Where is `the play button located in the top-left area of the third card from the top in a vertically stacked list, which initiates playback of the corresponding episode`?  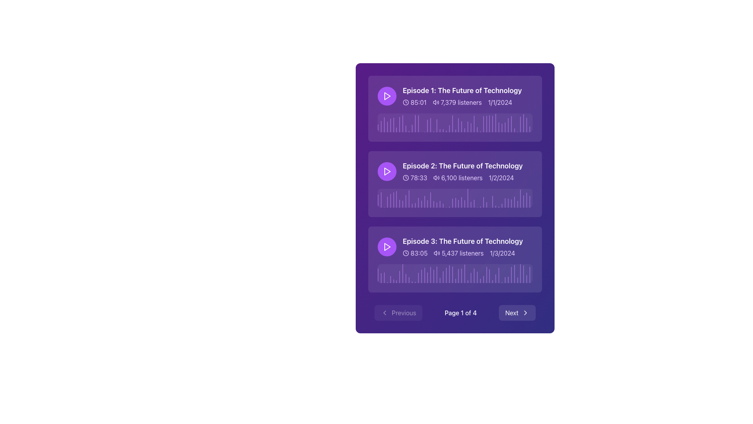
the play button located in the top-left area of the third card from the top in a vertically stacked list, which initiates playback of the corresponding episode is located at coordinates (387, 246).